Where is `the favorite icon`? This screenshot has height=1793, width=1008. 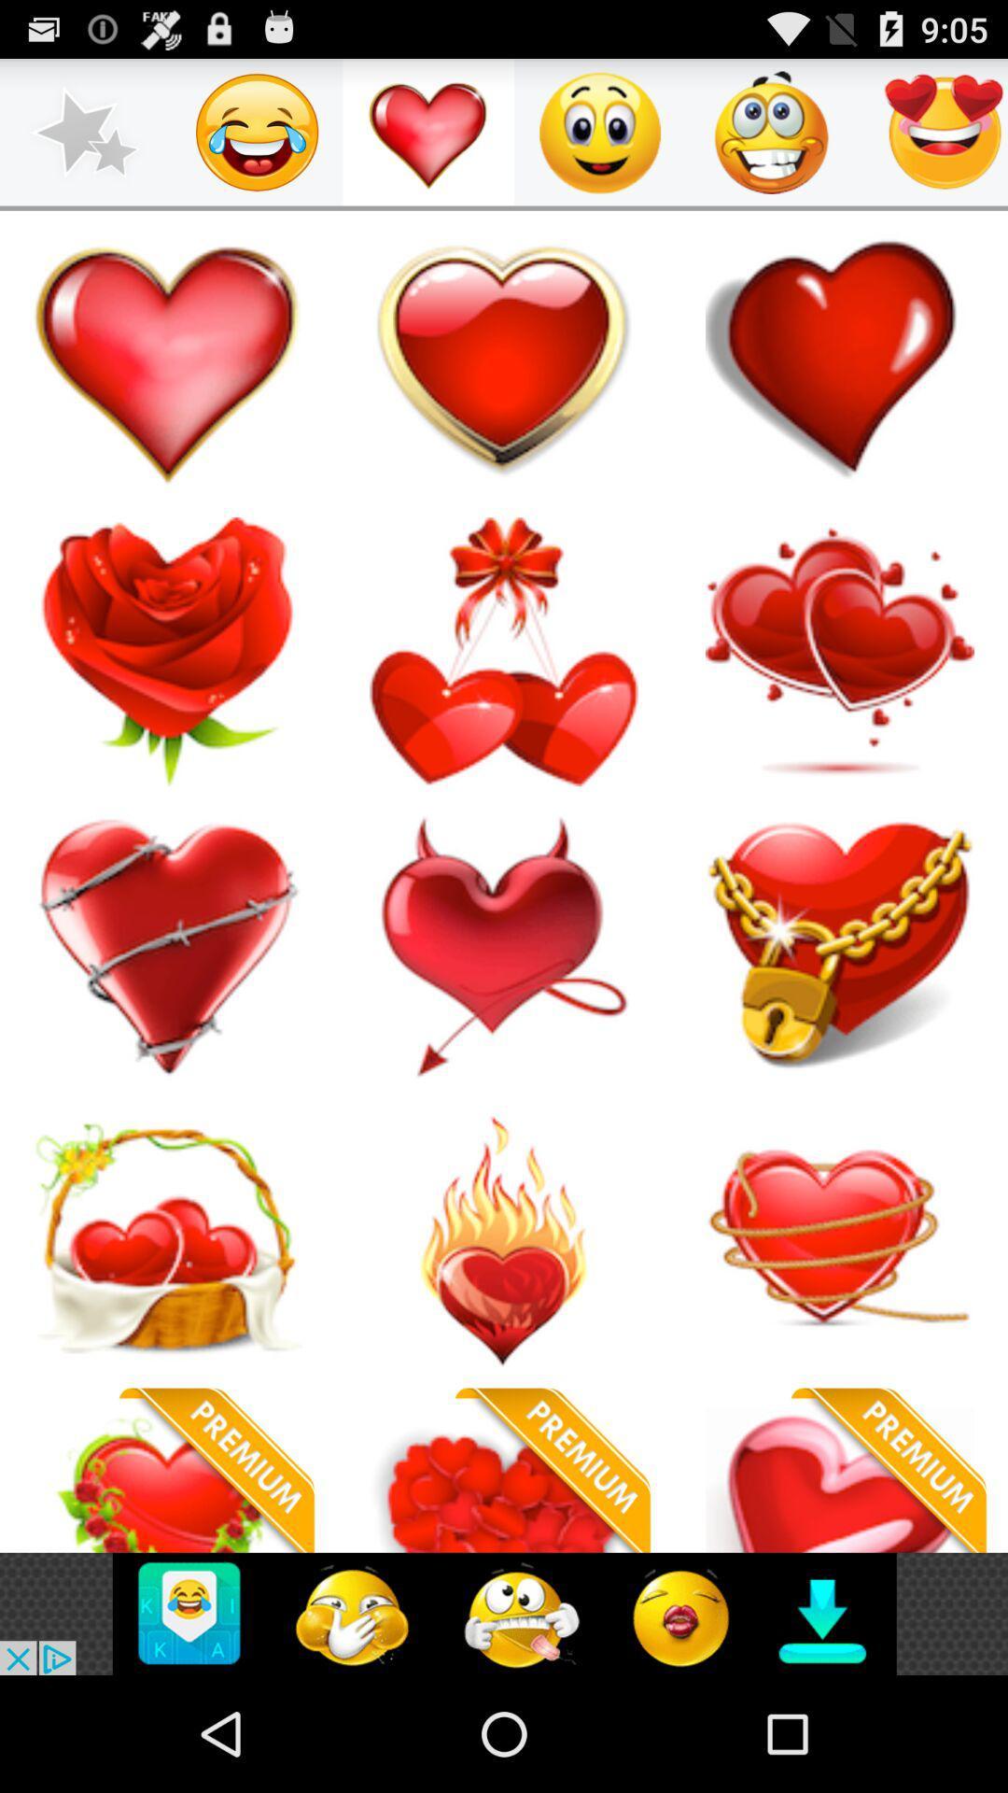
the favorite icon is located at coordinates (428, 141).